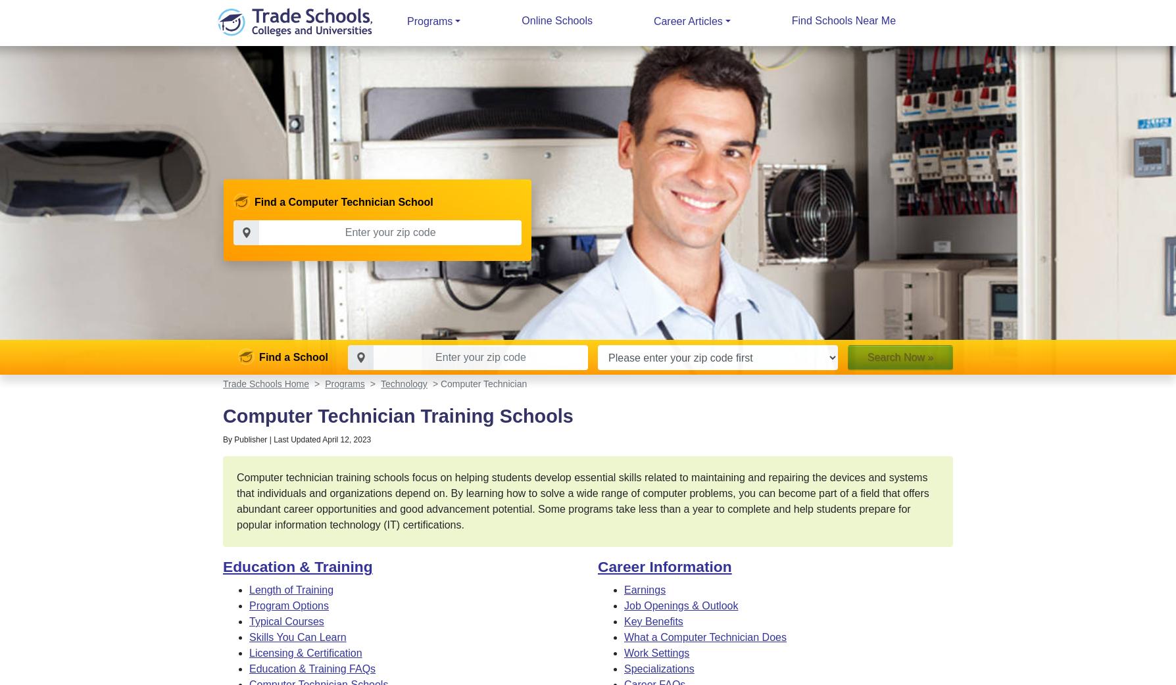 The width and height of the screenshot is (1176, 685). I want to click on 'Both', so click(551, 386).